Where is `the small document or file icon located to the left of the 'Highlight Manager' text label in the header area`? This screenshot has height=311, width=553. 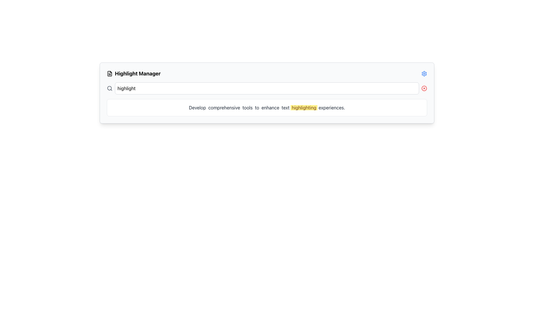
the small document or file icon located to the left of the 'Highlight Manager' text label in the header area is located at coordinates (109, 73).